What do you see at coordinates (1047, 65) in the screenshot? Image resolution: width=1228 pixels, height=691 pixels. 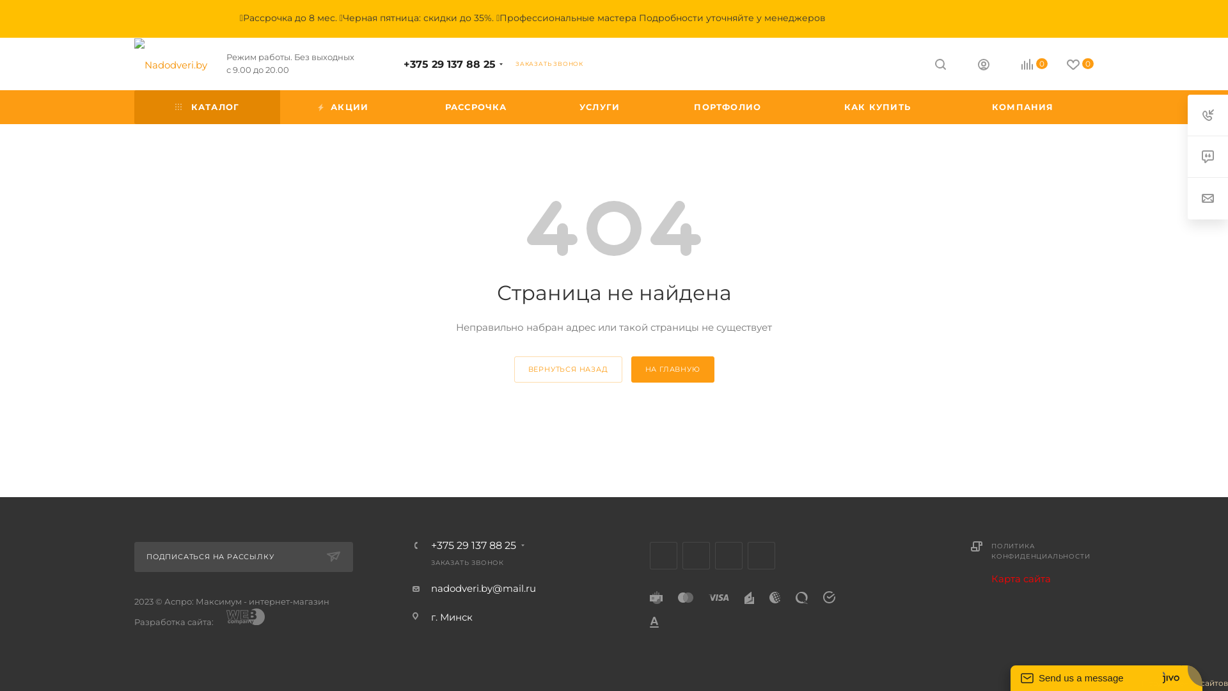 I see `'0'` at bounding box center [1047, 65].